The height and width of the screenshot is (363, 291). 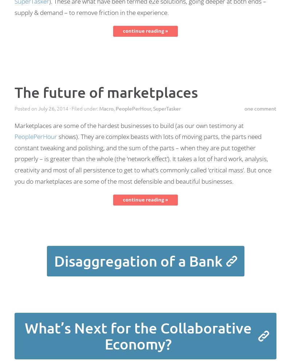 I want to click on 'Marketplaces are some of the hardest businesses to build (as our own testimony at', so click(x=129, y=125).